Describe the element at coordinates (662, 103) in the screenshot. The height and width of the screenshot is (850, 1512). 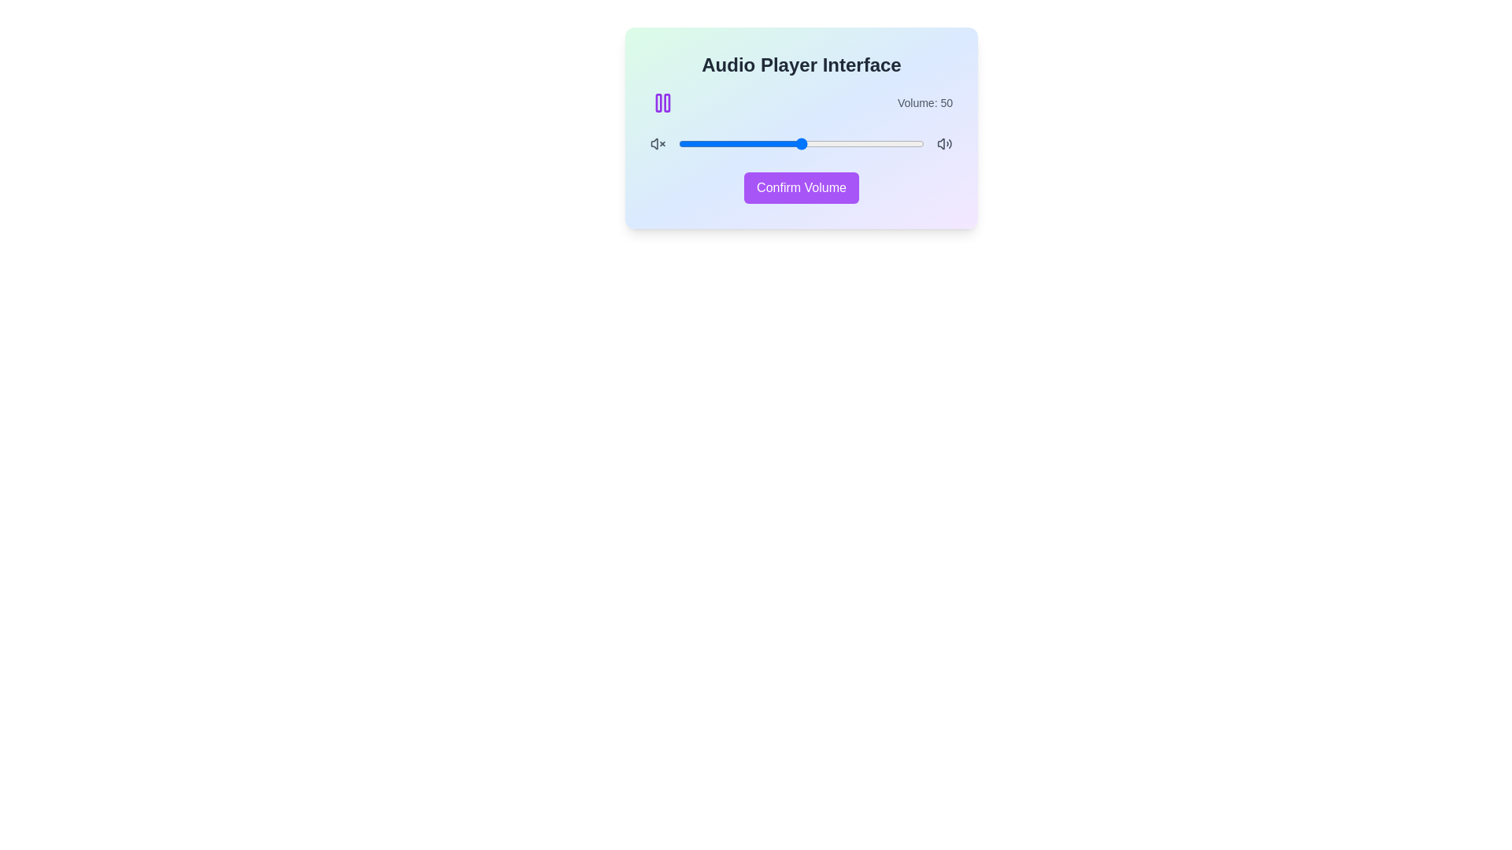
I see `the pause button located` at that location.